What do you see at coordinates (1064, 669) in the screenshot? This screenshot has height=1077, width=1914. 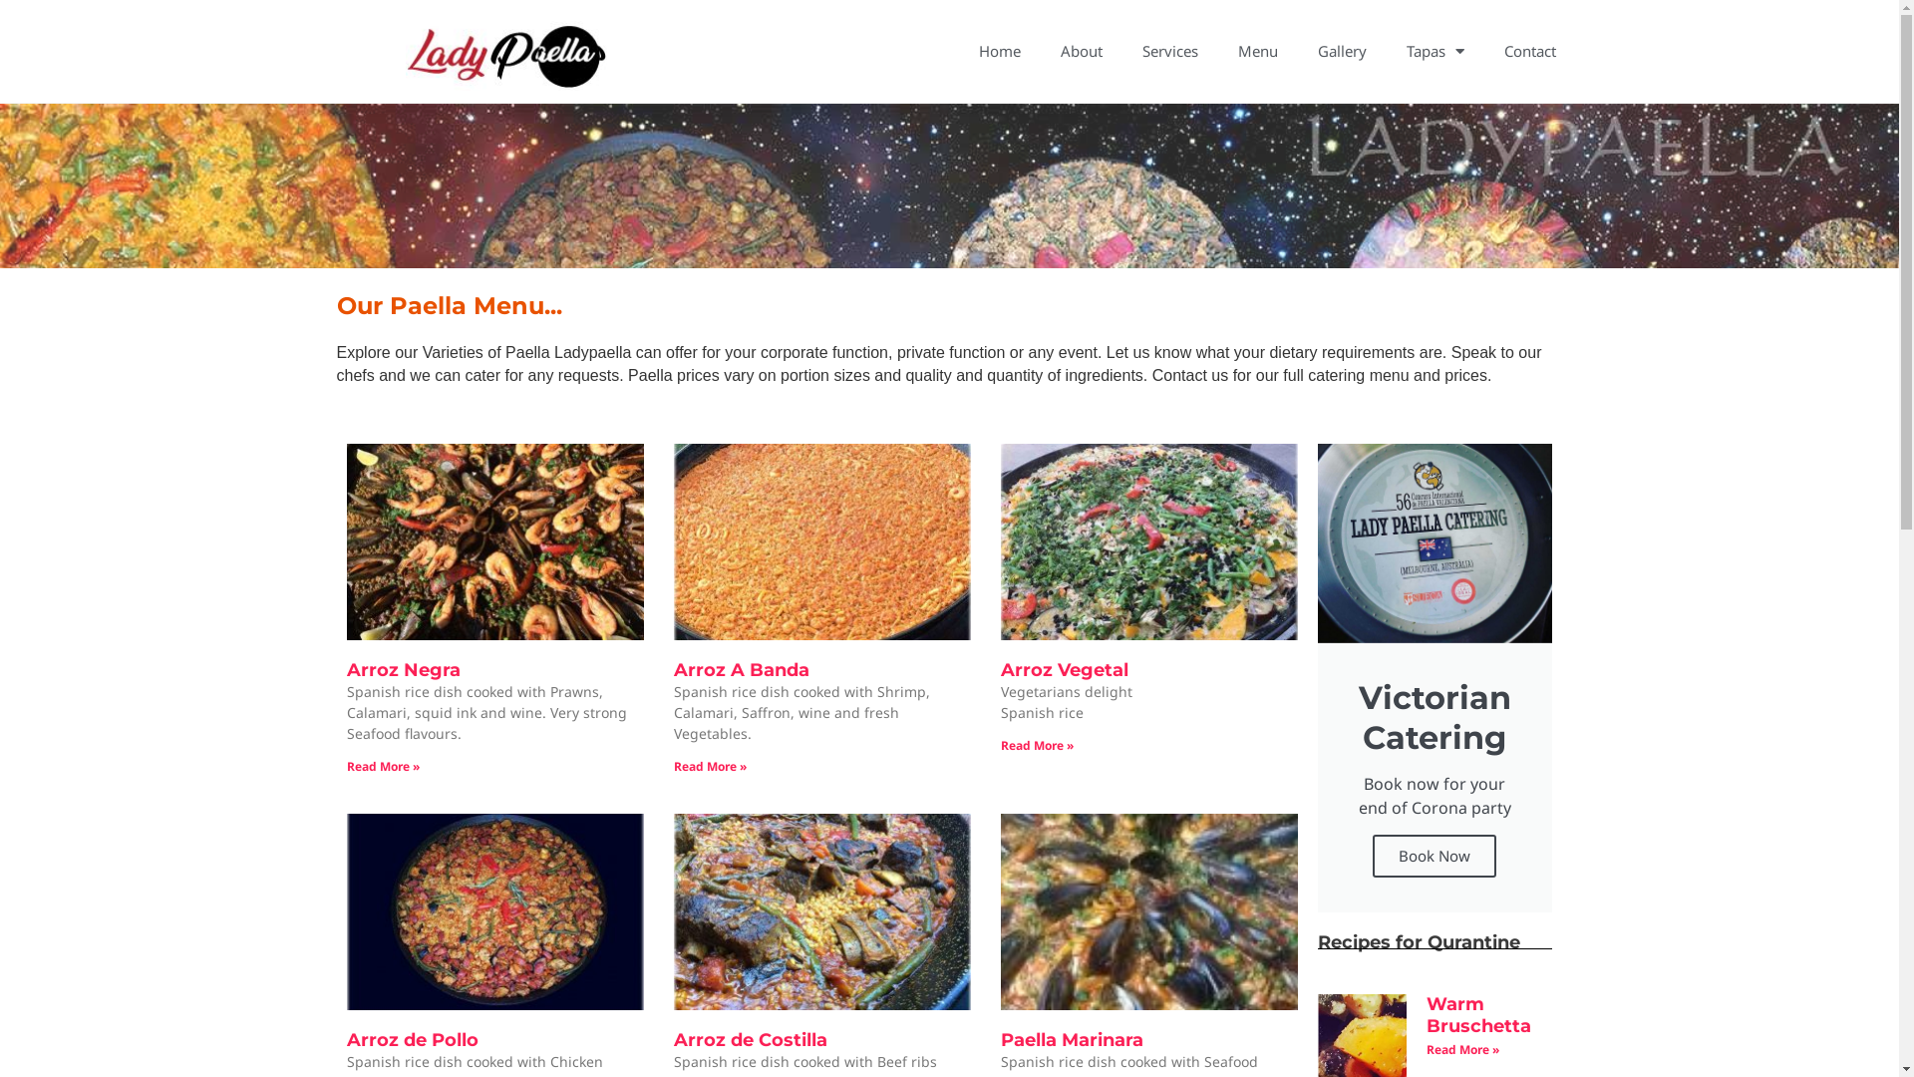 I see `'Arroz Vegetal'` at bounding box center [1064, 669].